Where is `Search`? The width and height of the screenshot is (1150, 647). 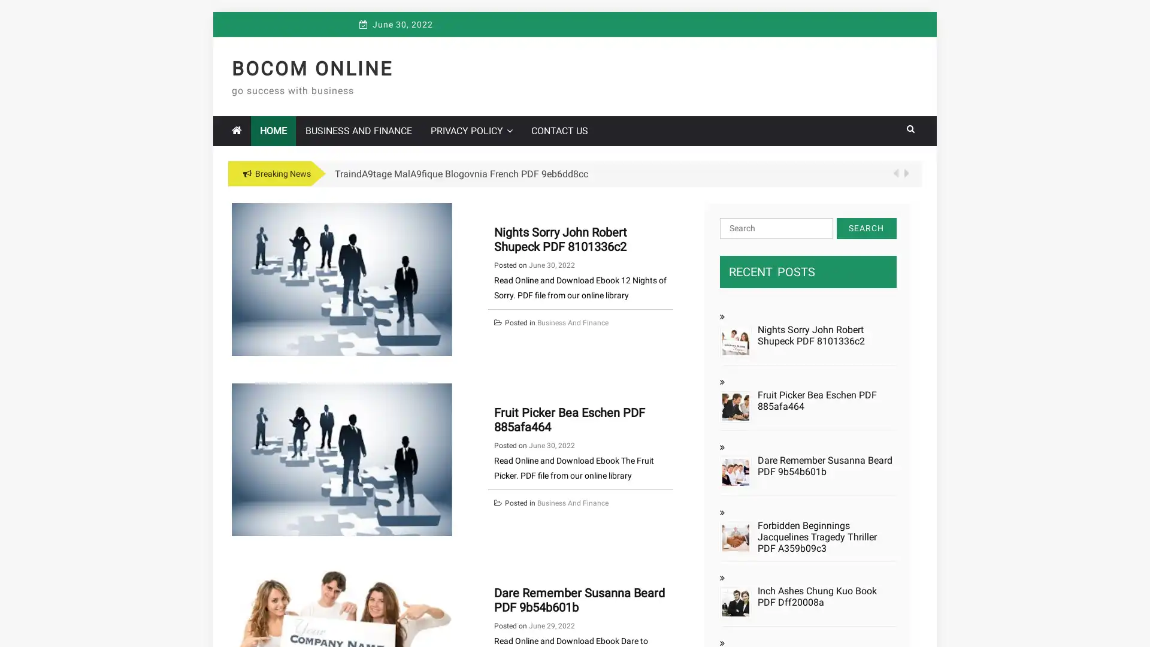
Search is located at coordinates (865, 228).